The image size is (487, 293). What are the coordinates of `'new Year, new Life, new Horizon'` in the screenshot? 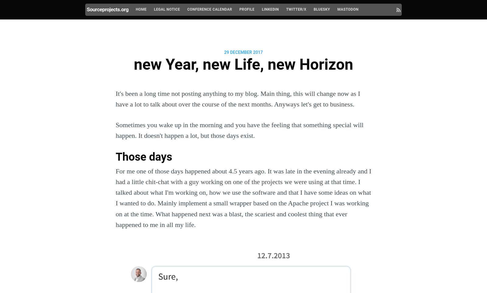 It's located at (243, 64).